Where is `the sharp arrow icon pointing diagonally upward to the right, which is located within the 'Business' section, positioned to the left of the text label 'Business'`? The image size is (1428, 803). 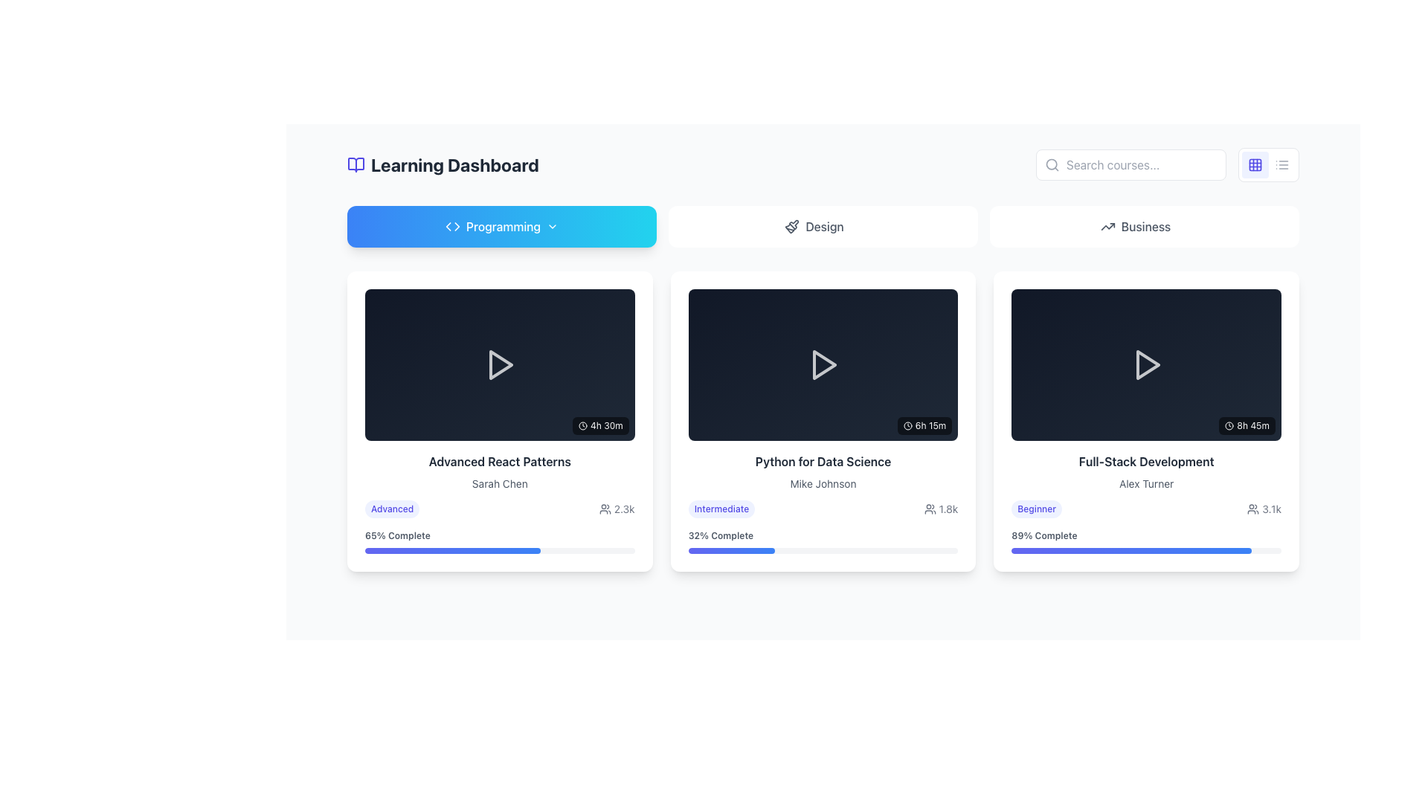 the sharp arrow icon pointing diagonally upward to the right, which is located within the 'Business' section, positioned to the left of the text label 'Business' is located at coordinates (1107, 226).